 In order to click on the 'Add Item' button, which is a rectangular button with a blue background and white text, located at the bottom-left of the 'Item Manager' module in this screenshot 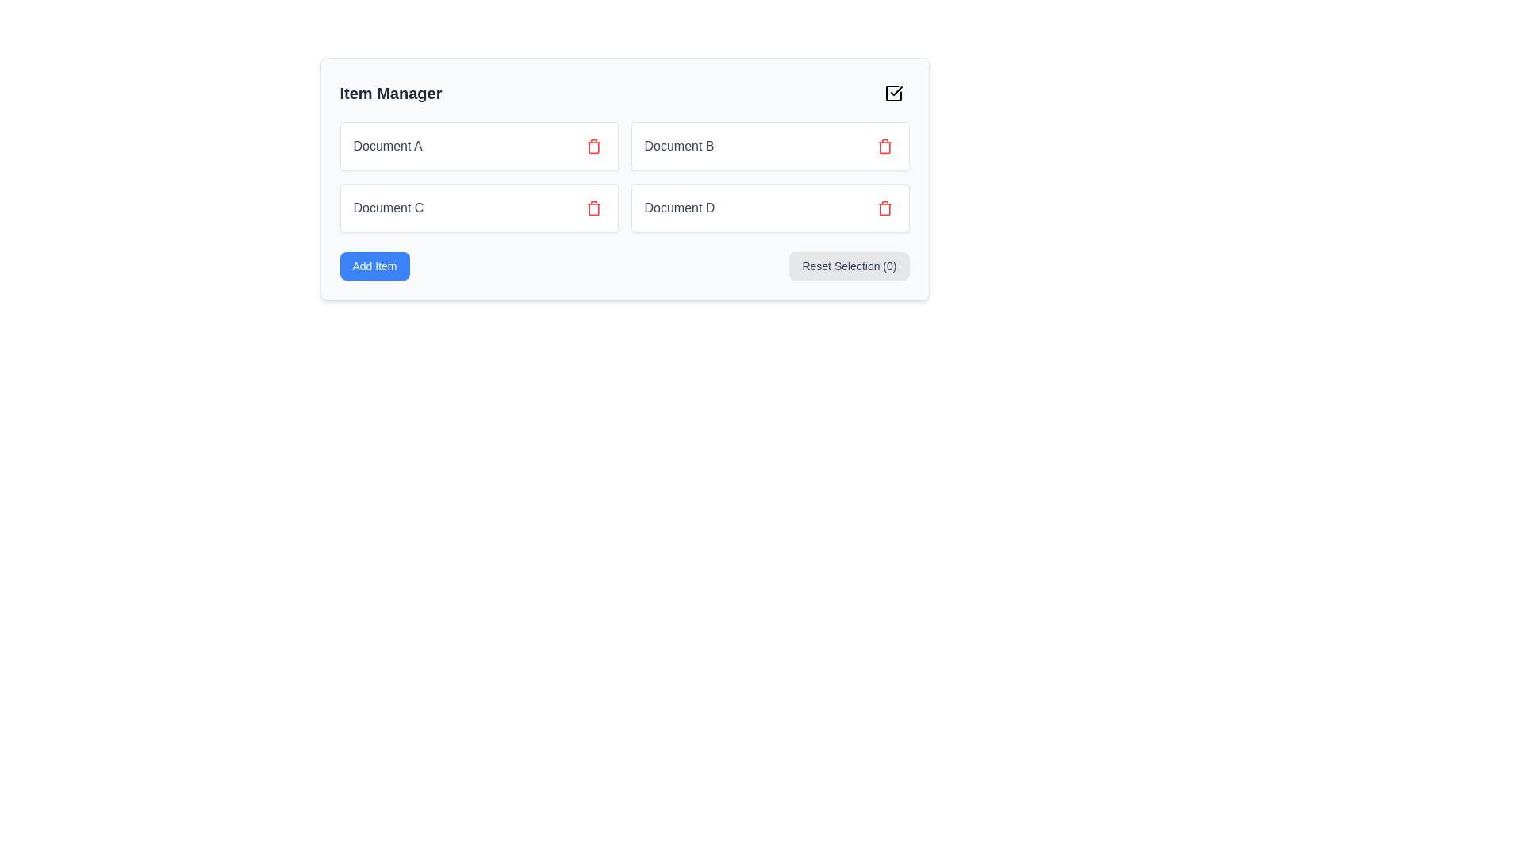, I will do `click(374, 265)`.